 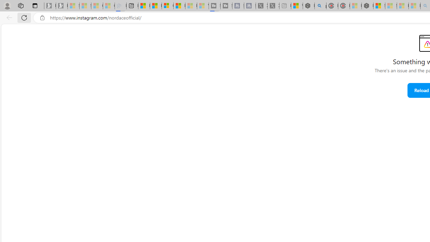 What do you see at coordinates (273, 6) in the screenshot?
I see `'X - Sleeping'` at bounding box center [273, 6].